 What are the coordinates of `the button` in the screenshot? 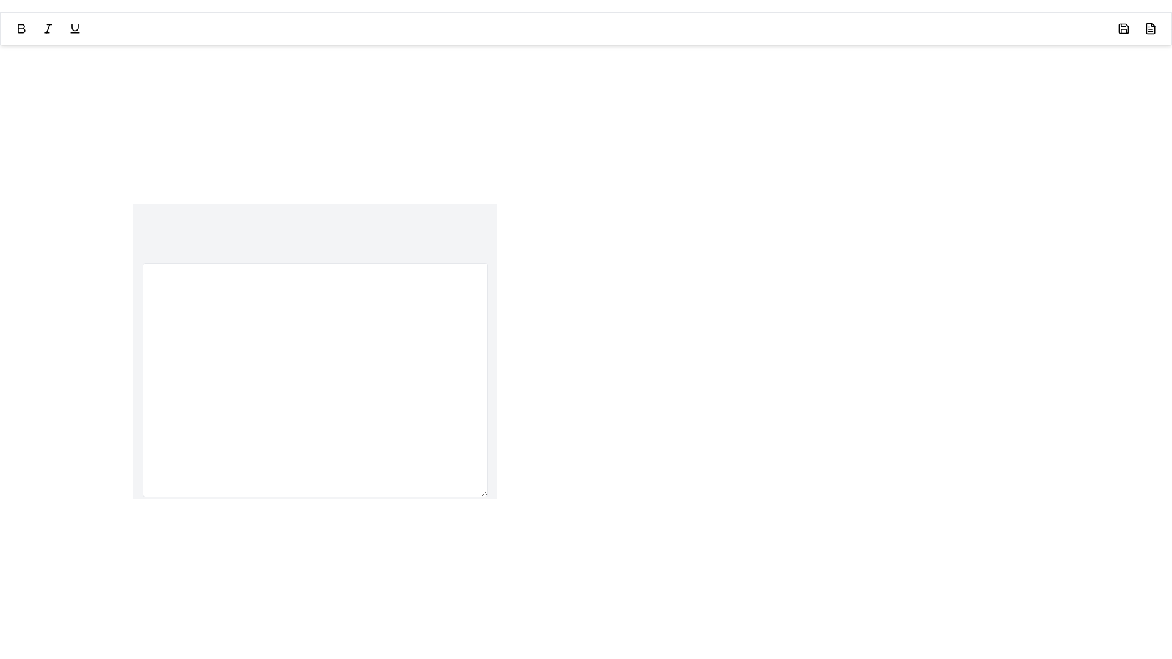 It's located at (21, 27).